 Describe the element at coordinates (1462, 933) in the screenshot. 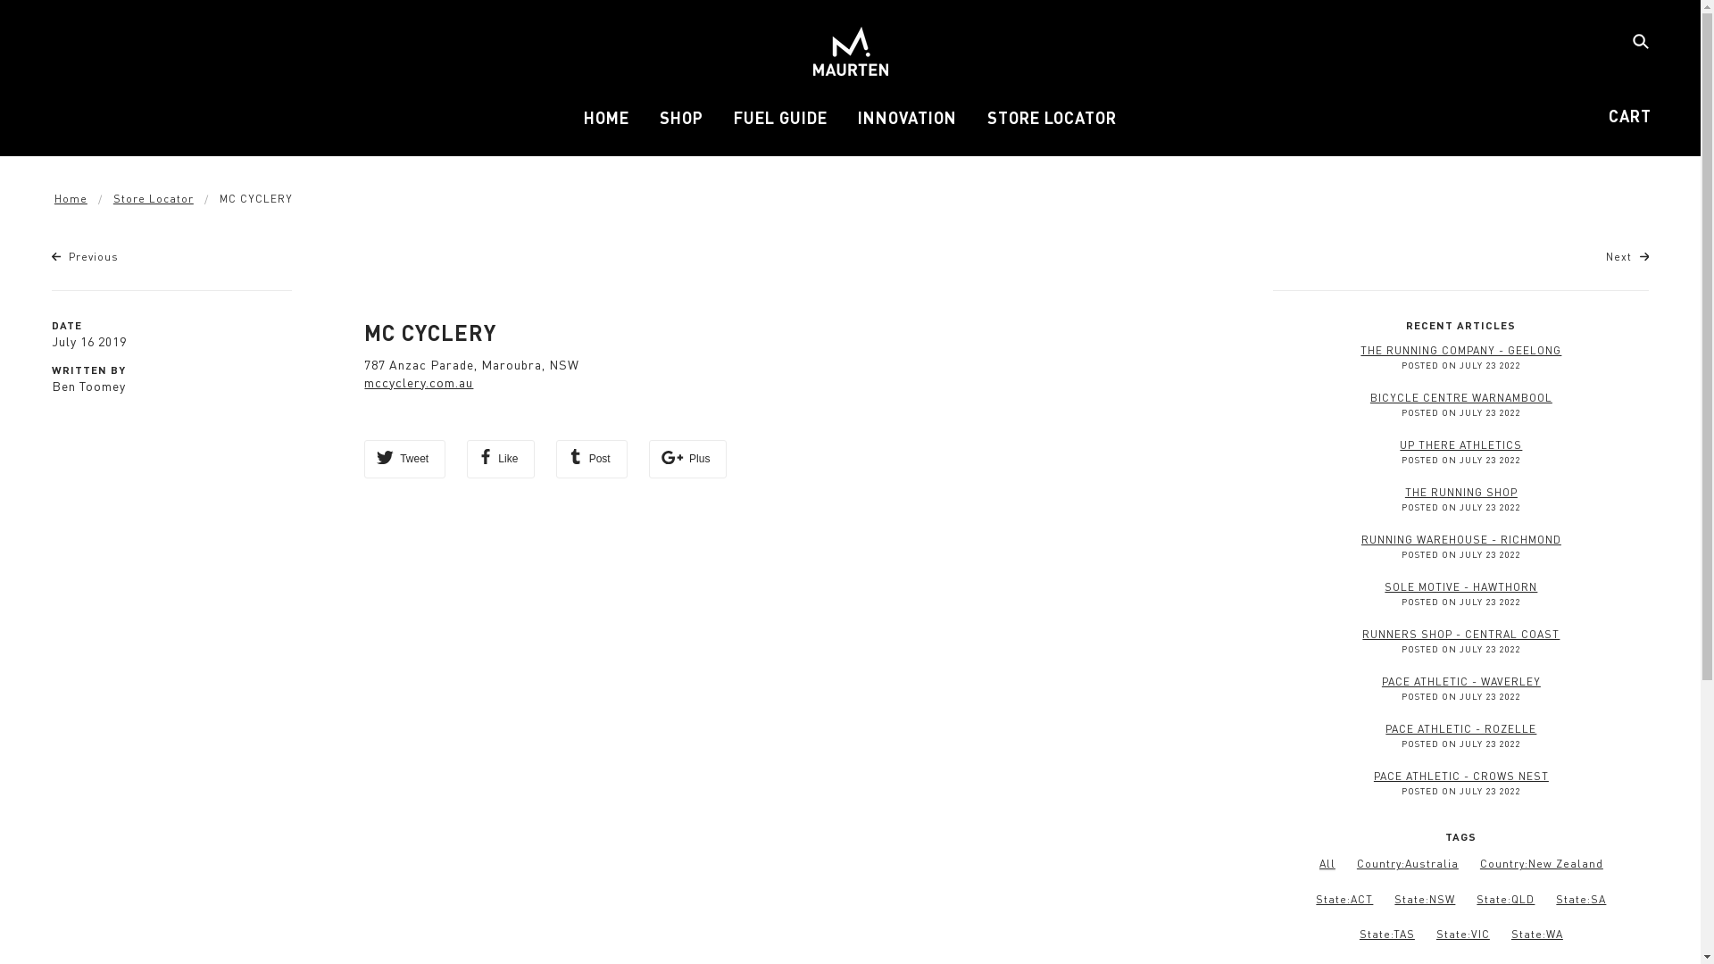

I see `'State:VIC'` at that location.